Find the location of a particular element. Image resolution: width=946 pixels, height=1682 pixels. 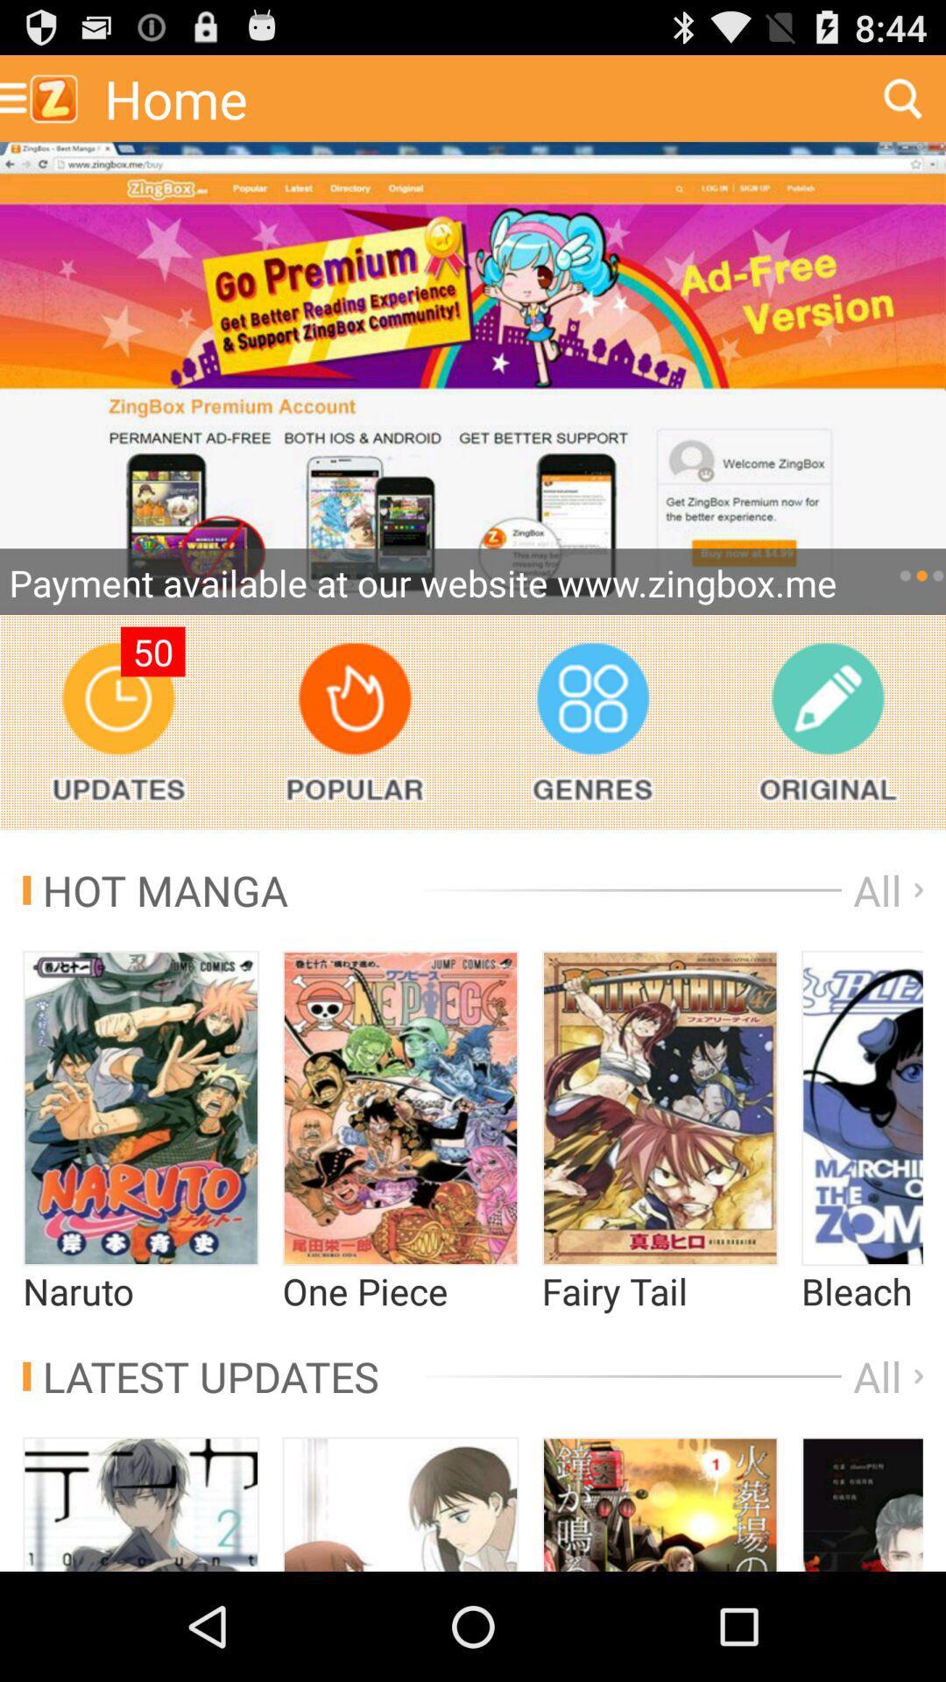

the menu icon is located at coordinates (861, 1609).